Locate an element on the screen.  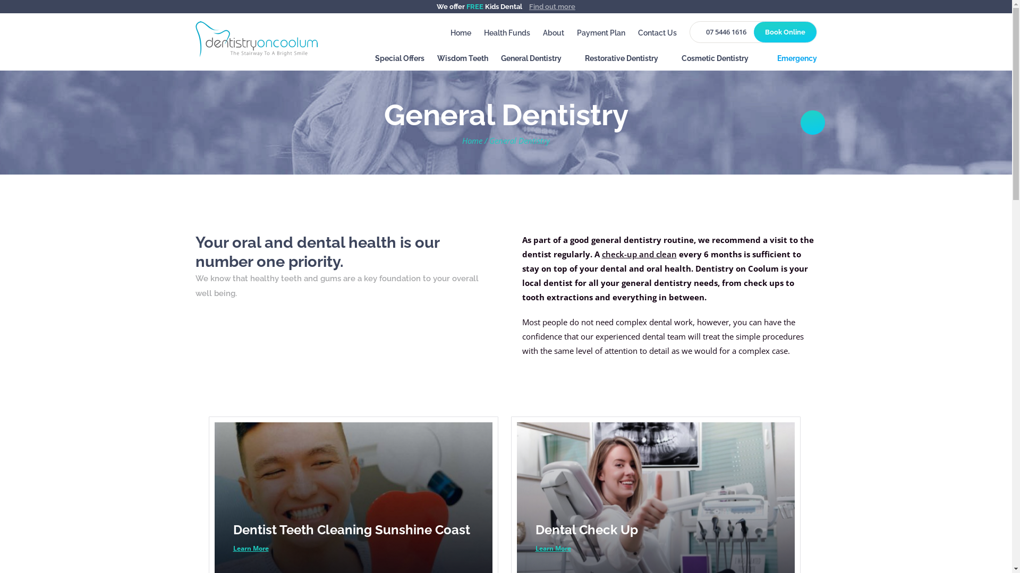
'check-up and clean' is located at coordinates (638, 254).